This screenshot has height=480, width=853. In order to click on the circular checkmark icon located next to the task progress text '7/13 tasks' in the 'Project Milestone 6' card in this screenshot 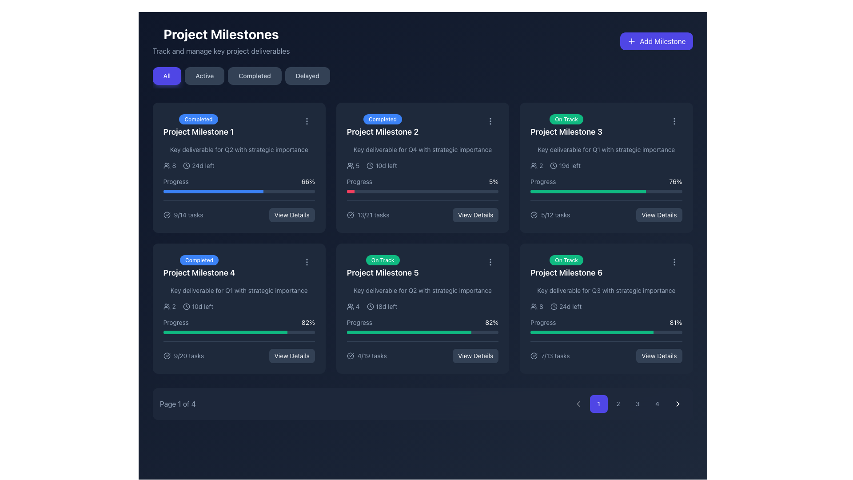, I will do `click(534, 356)`.